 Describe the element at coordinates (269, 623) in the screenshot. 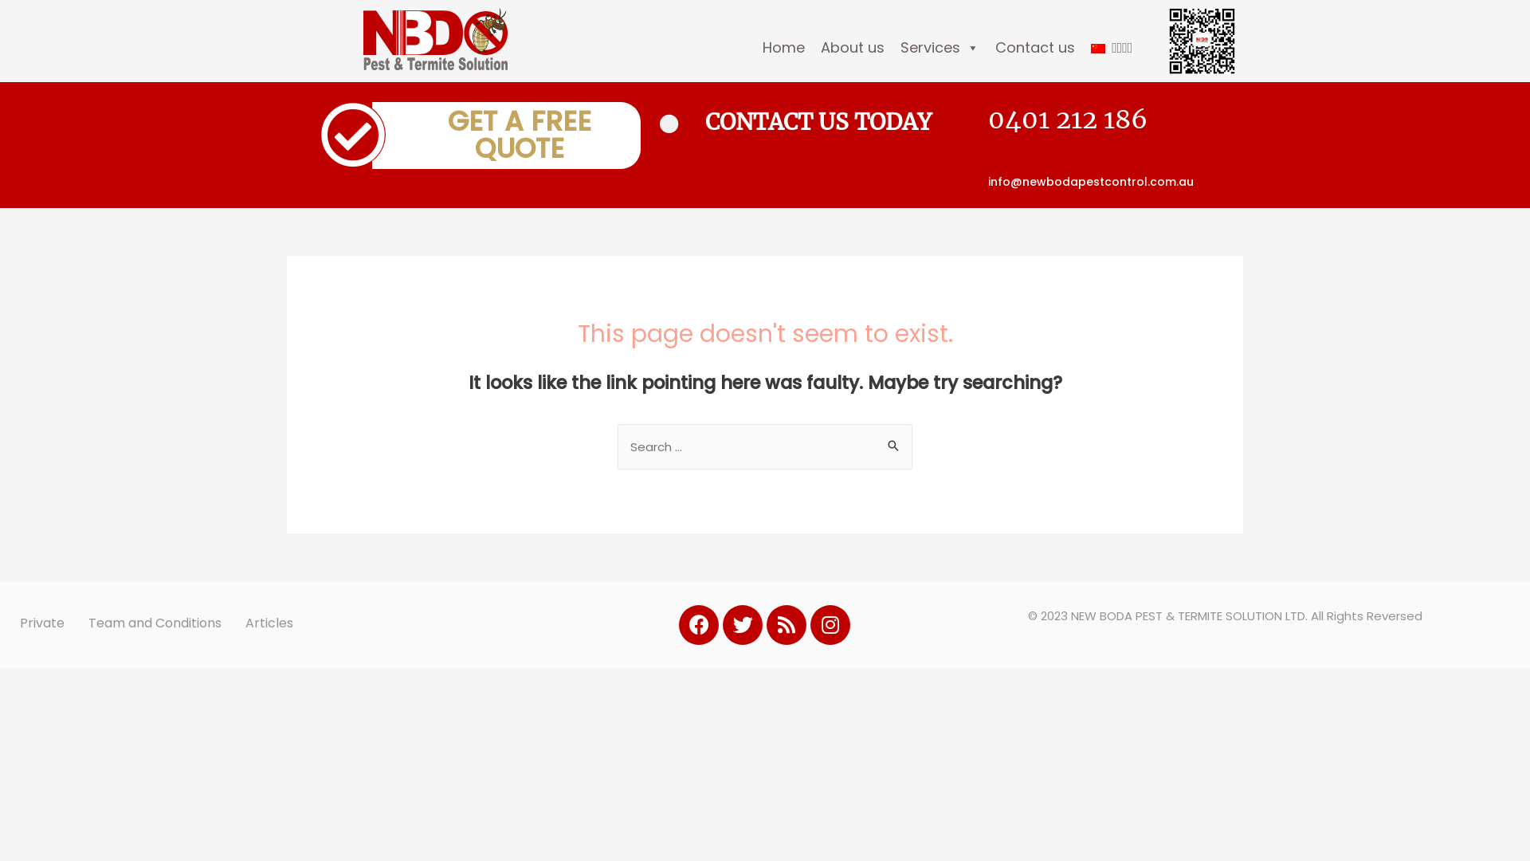

I see `'Articles'` at that location.